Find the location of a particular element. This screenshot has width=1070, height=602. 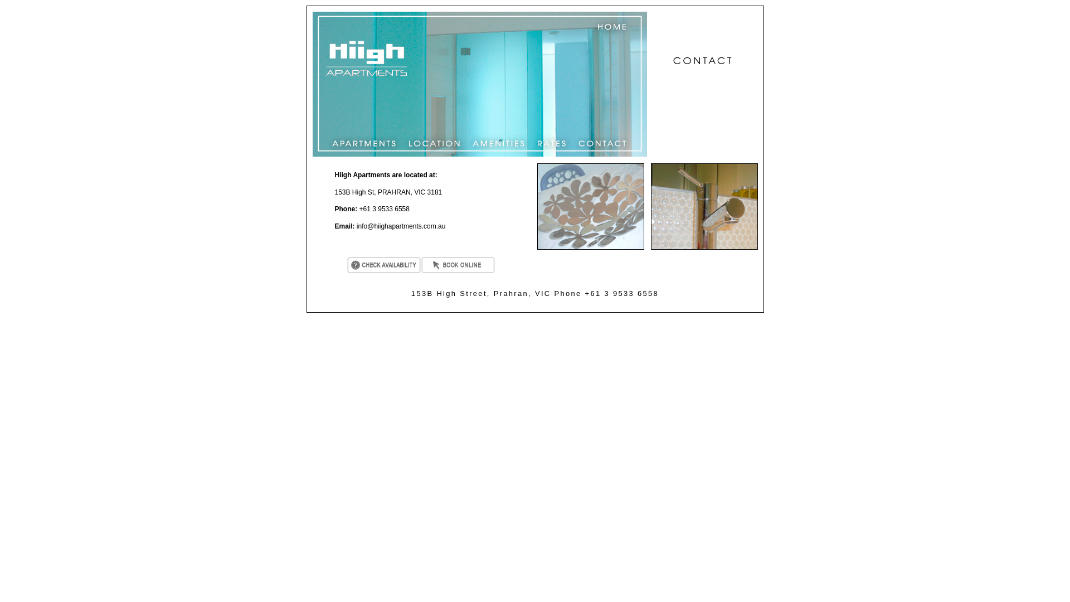

'info@hiighapartments.com.au' is located at coordinates (401, 226).